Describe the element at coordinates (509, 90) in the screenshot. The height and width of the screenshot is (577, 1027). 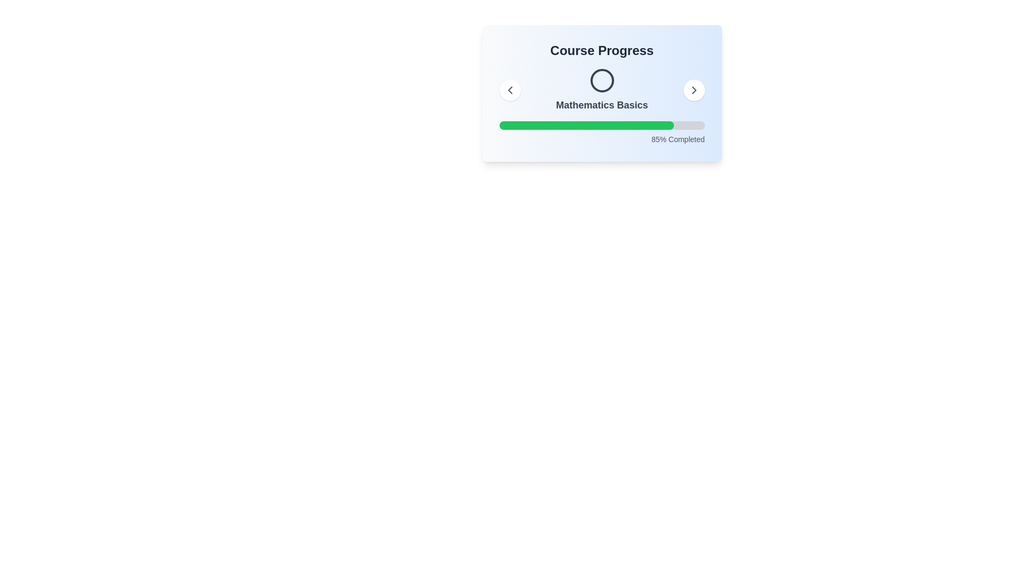
I see `the navigation button in the top-left corner of the header card labeled 'Mathematics Basics'` at that location.